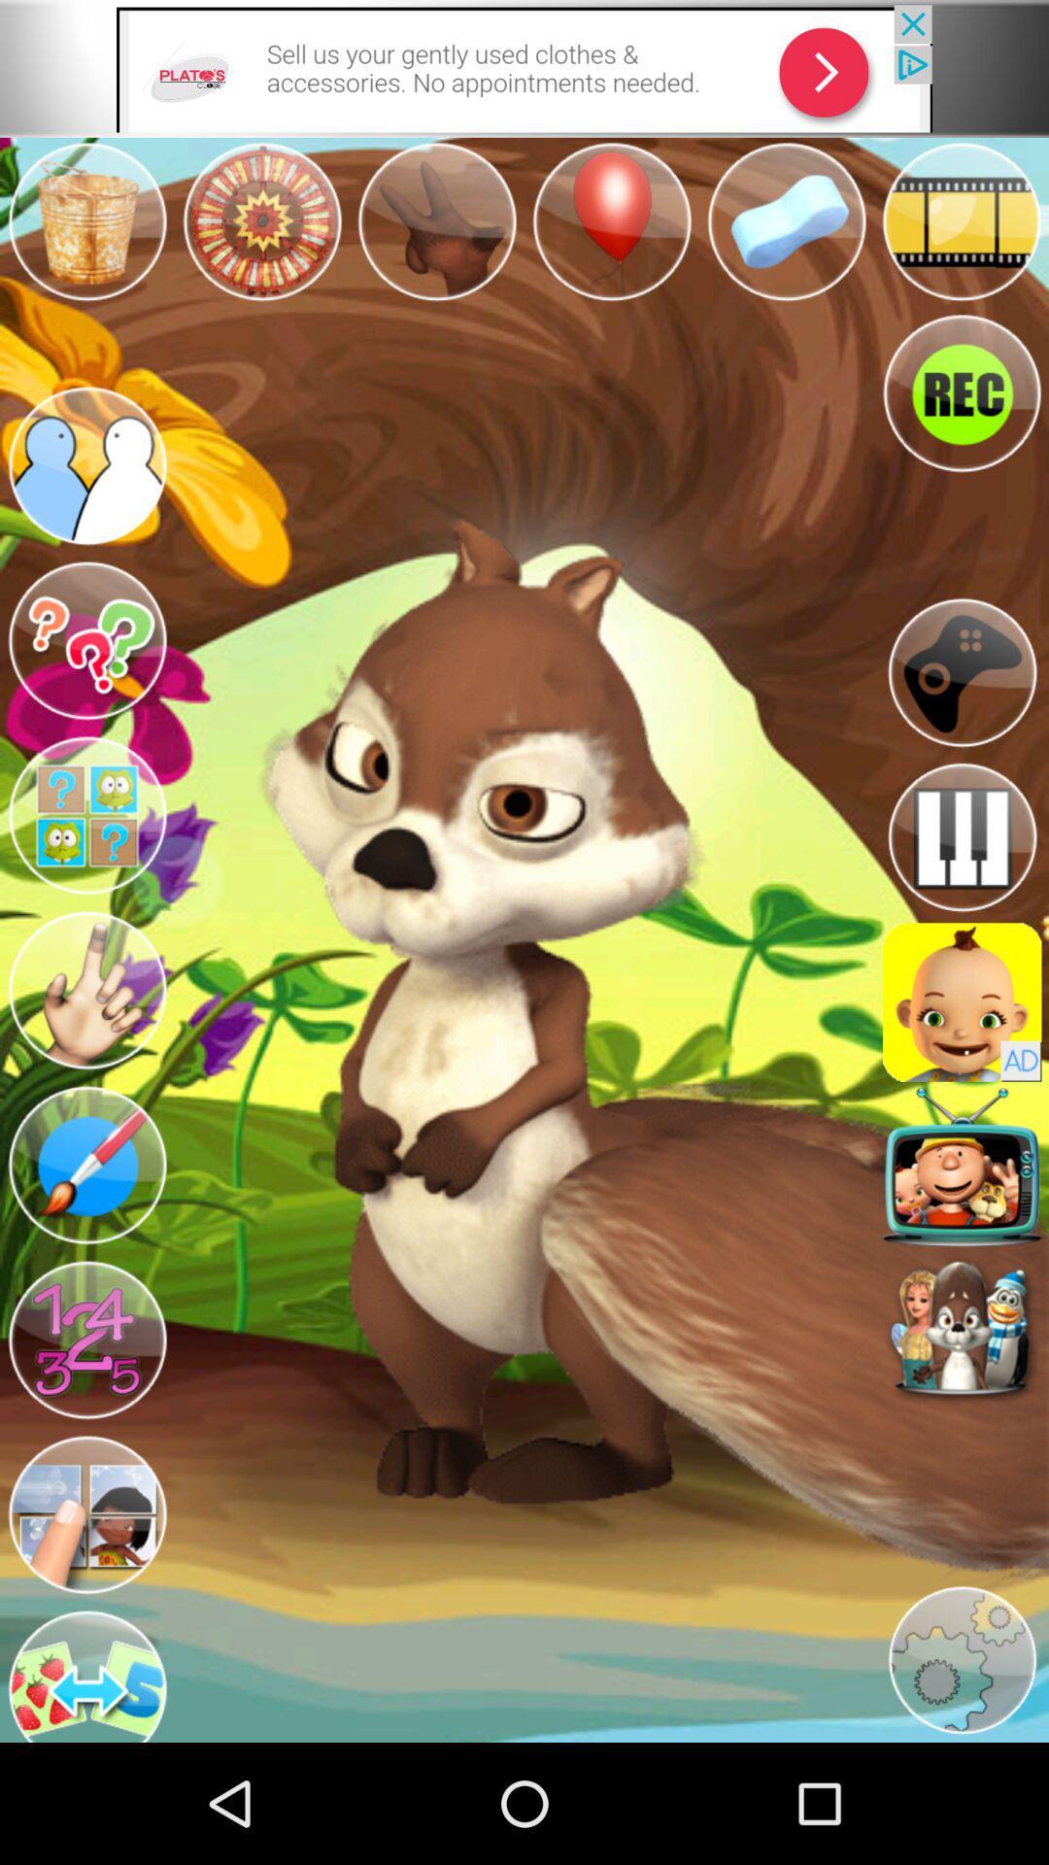  What do you see at coordinates (962, 1002) in the screenshot?
I see `click advertisement` at bounding box center [962, 1002].